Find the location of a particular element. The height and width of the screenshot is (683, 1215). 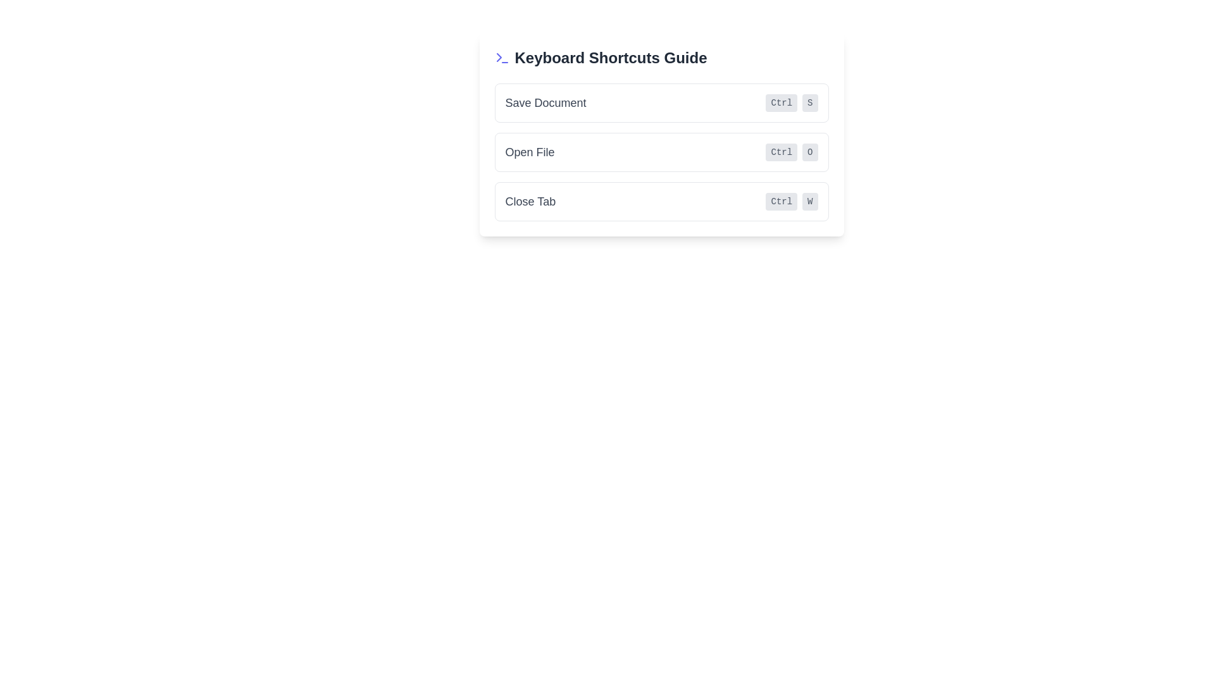

the 'S' key button in the 'Keyboard Shortcuts Guide' section to observe the tooltip or context hint is located at coordinates (810, 102).